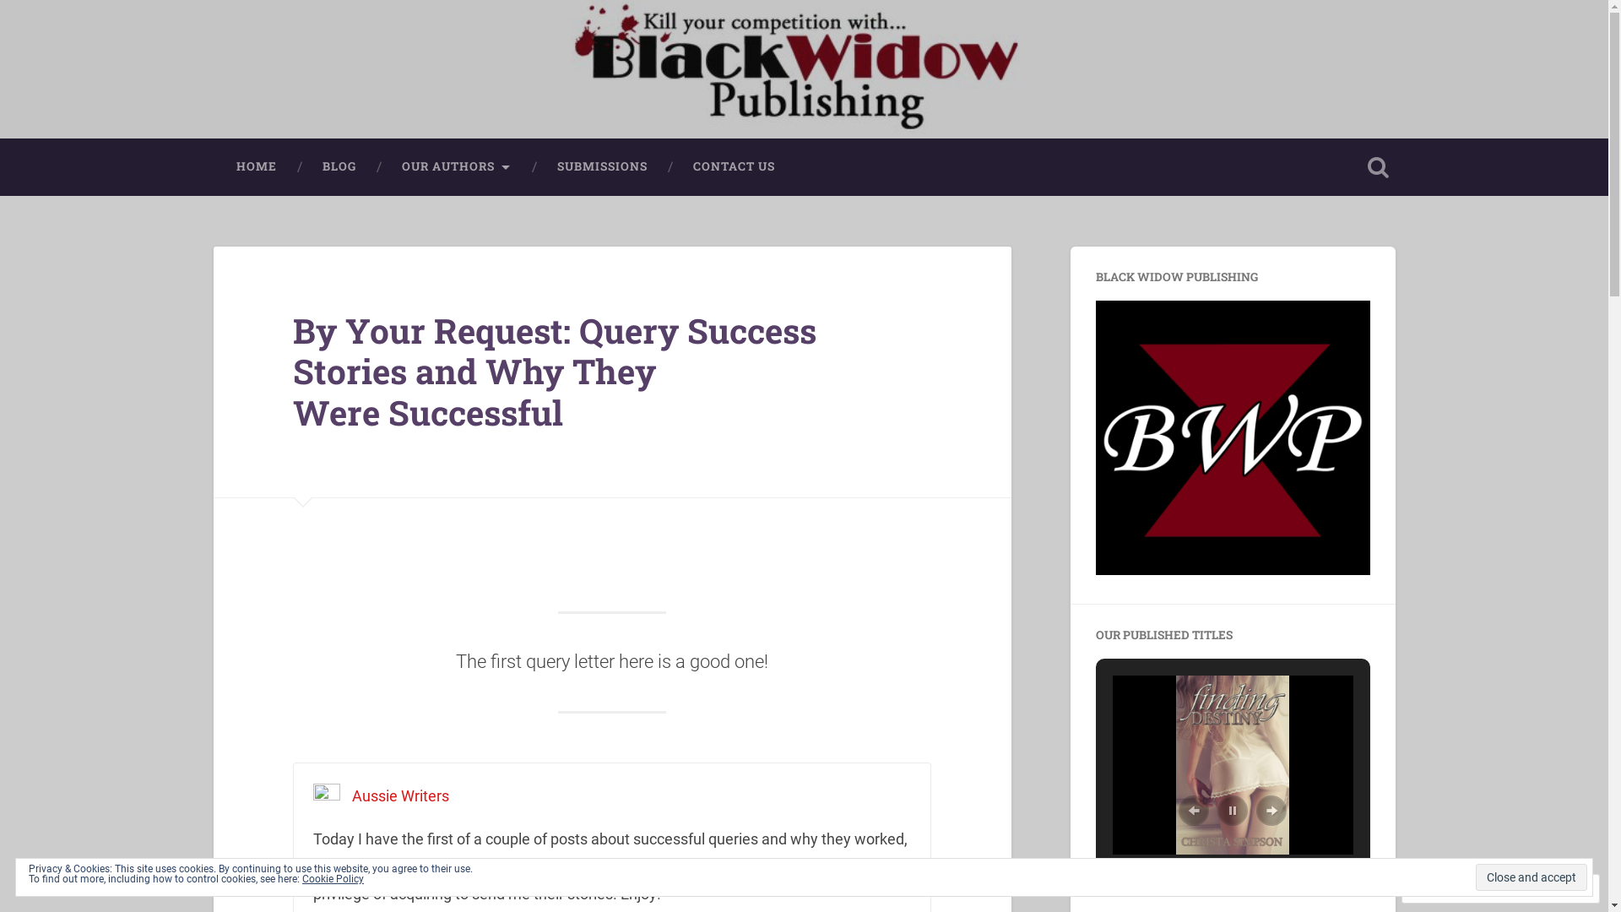  What do you see at coordinates (1232, 765) in the screenshot?
I see `'Finding Destiny &#8211;&nbsp;e-cover2'` at bounding box center [1232, 765].